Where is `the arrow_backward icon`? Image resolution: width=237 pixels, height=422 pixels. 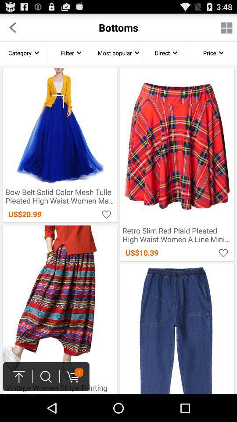
the arrow_backward icon is located at coordinates (12, 29).